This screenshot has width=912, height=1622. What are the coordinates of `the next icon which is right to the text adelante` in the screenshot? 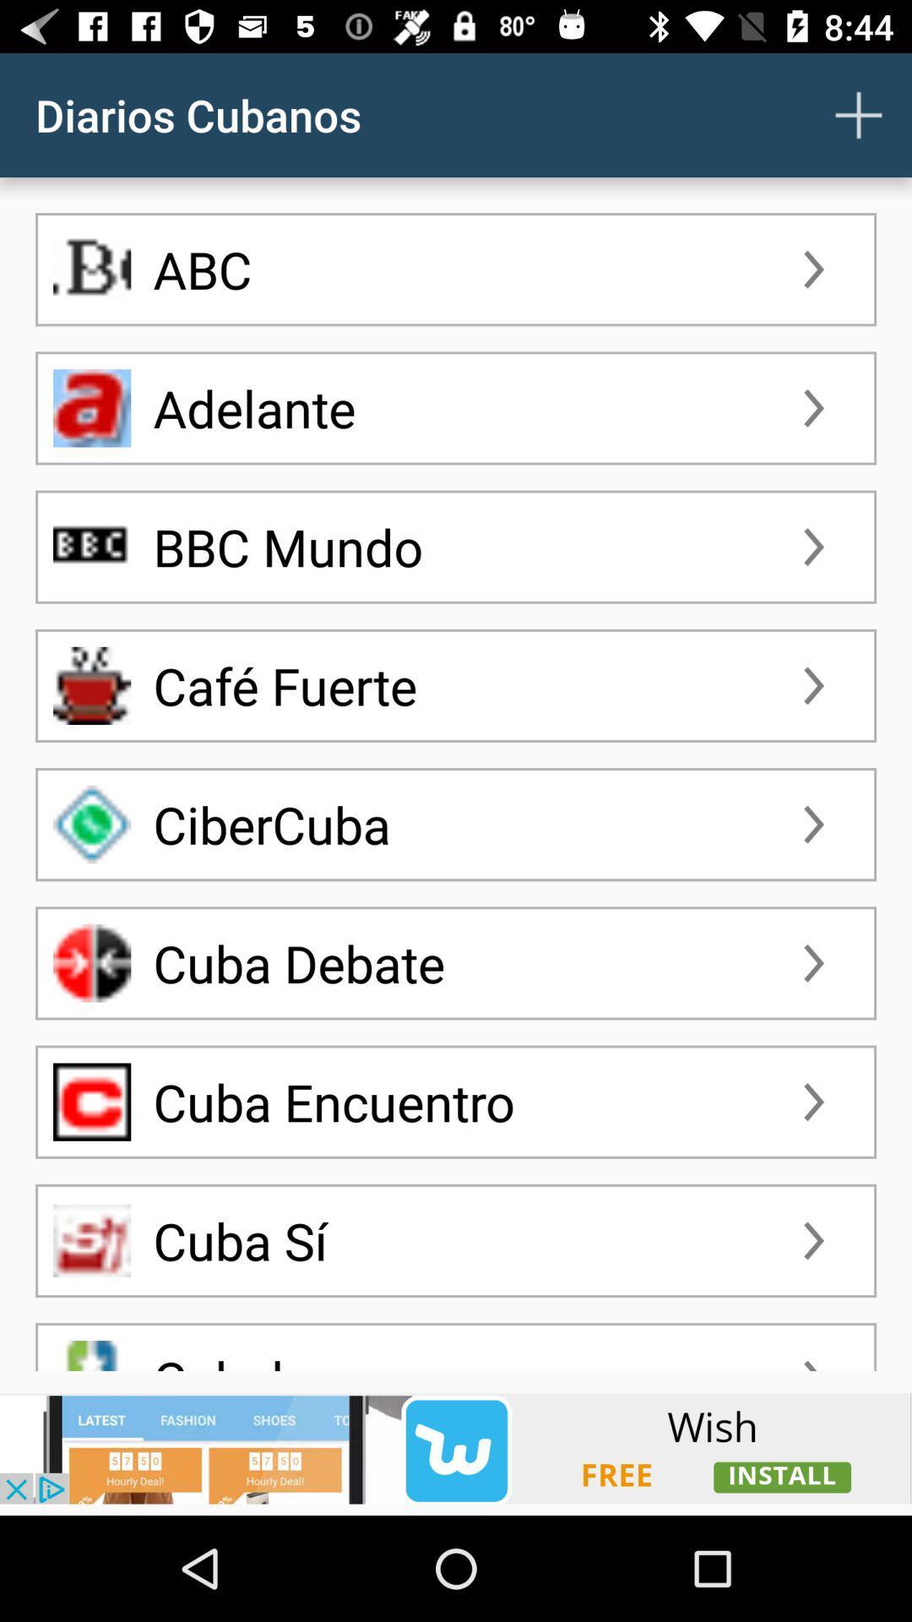 It's located at (813, 408).